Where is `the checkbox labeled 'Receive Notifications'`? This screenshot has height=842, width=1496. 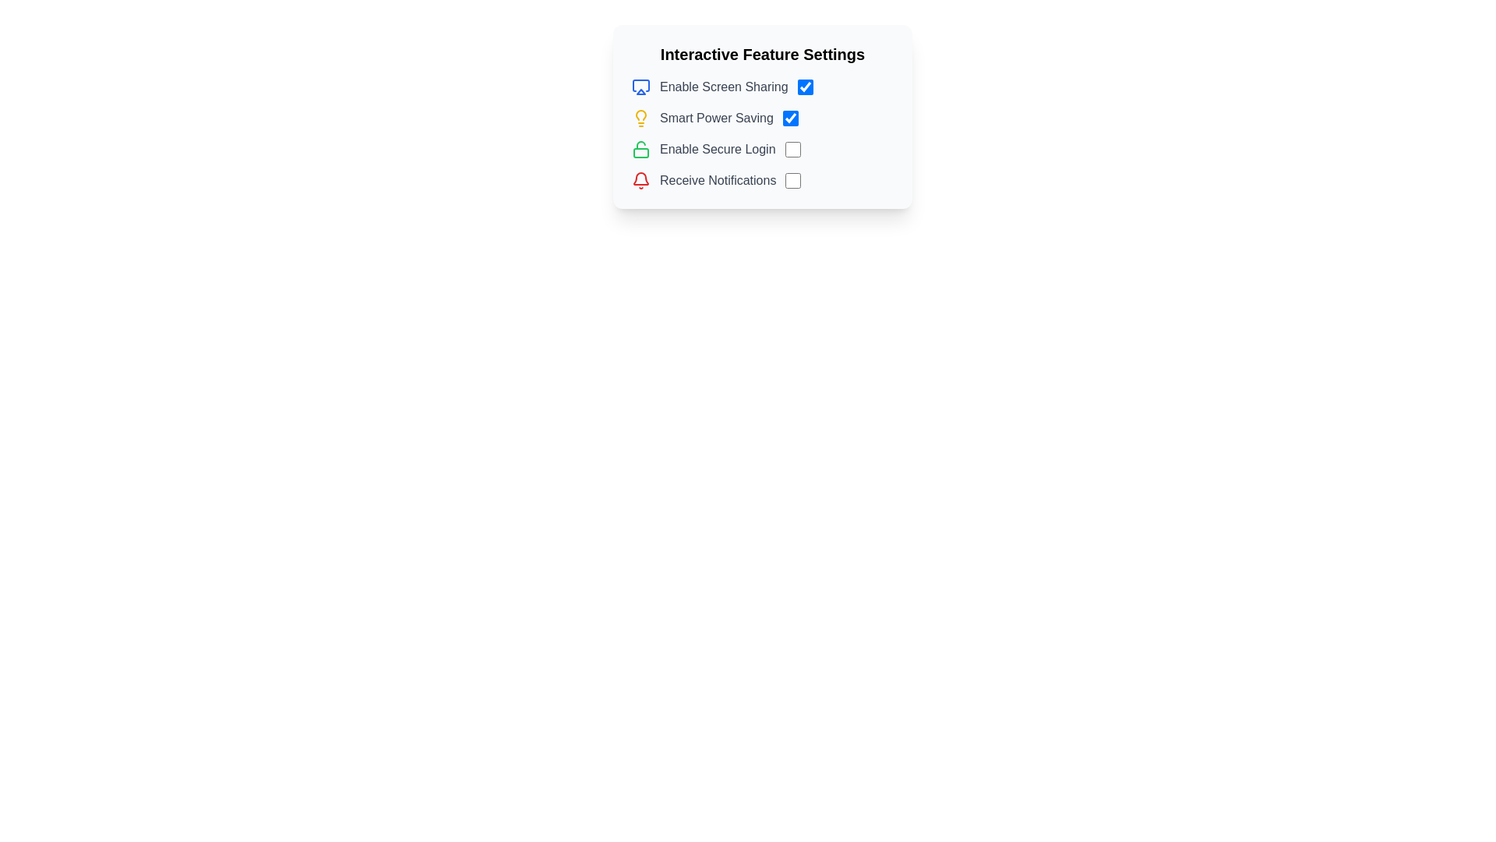
the checkbox labeled 'Receive Notifications' is located at coordinates (763, 179).